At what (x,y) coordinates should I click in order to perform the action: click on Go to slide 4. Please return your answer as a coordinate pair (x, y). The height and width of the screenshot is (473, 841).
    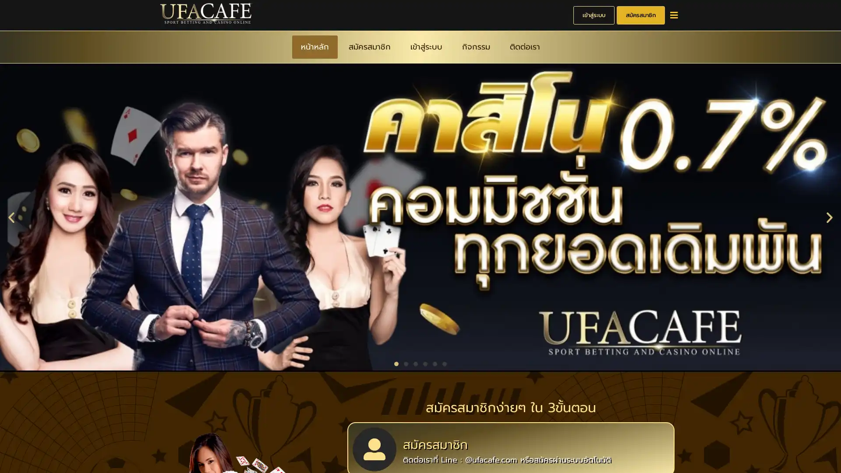
    Looking at the image, I should click on (425, 363).